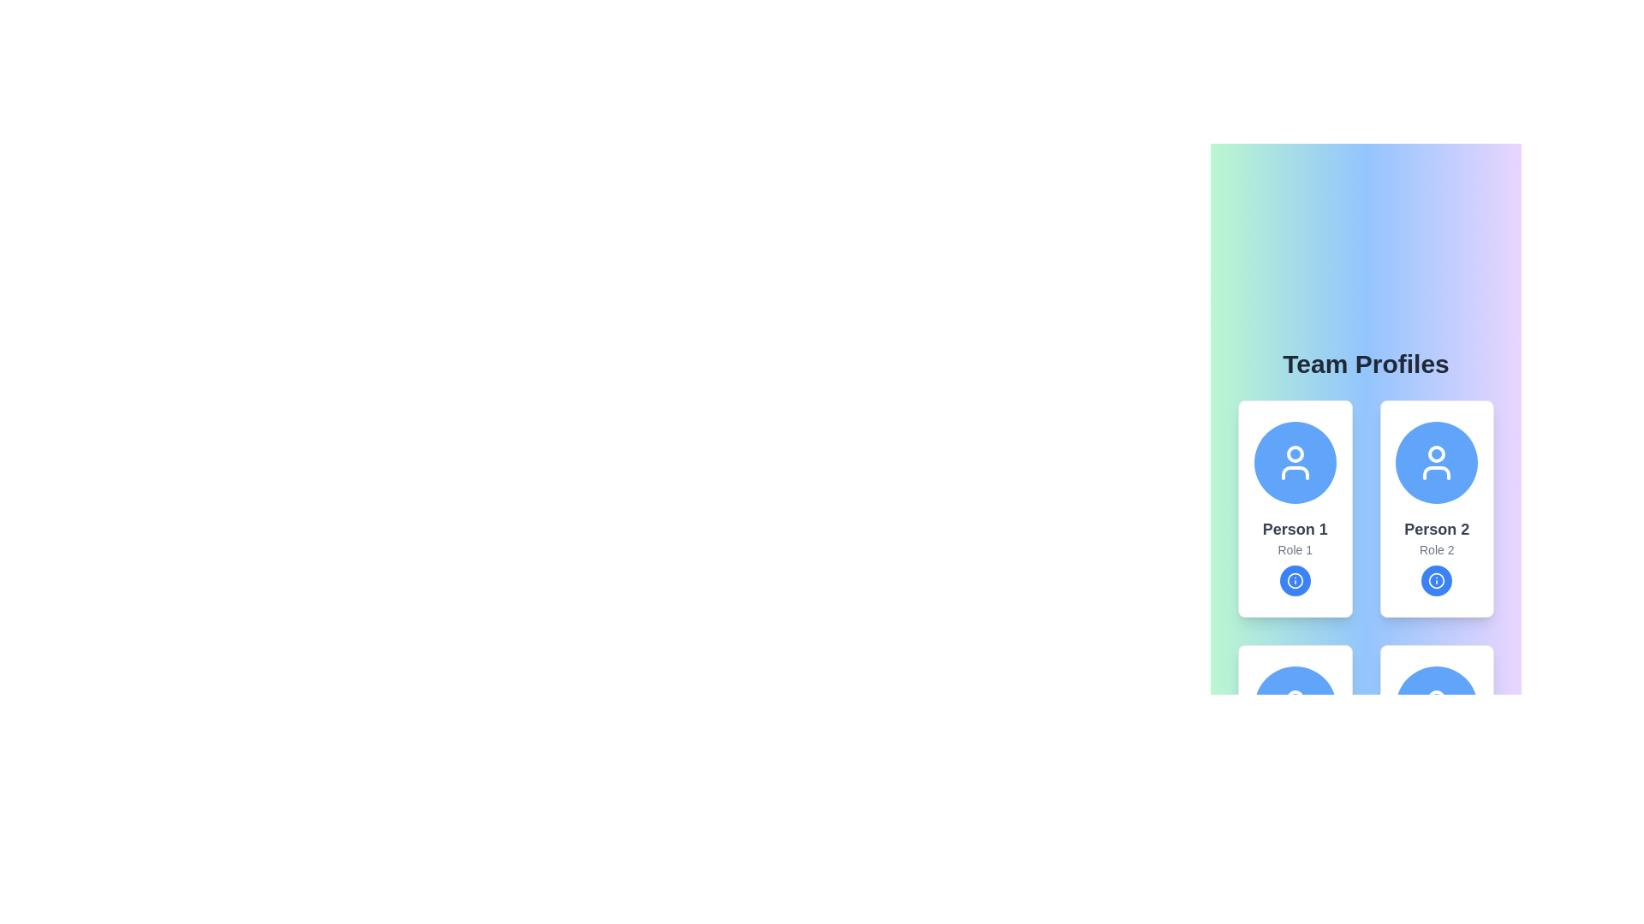  Describe the element at coordinates (1437, 579) in the screenshot. I see `the circular icon located in the second card of the 'Team Profiles' grid, positioned below the text 'Person 2 Role 2'` at that location.